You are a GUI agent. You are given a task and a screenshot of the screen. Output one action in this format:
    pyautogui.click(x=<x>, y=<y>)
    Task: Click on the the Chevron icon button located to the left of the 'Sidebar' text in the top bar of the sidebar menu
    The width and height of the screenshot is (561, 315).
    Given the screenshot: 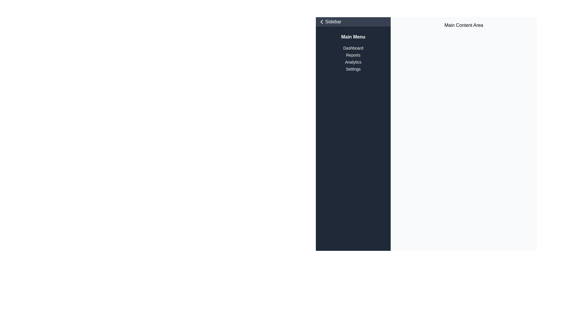 What is the action you would take?
    pyautogui.click(x=321, y=21)
    